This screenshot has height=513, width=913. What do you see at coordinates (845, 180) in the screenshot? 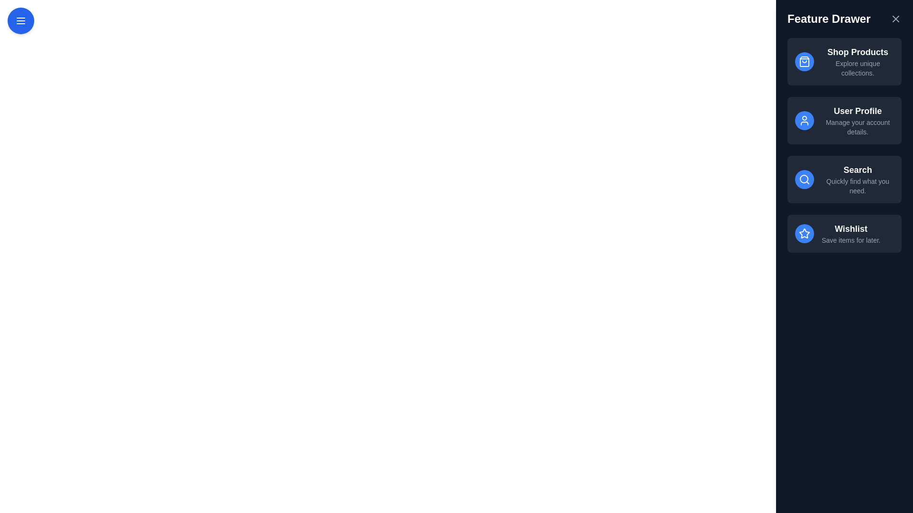
I see `the feature item Search to highlight it` at bounding box center [845, 180].